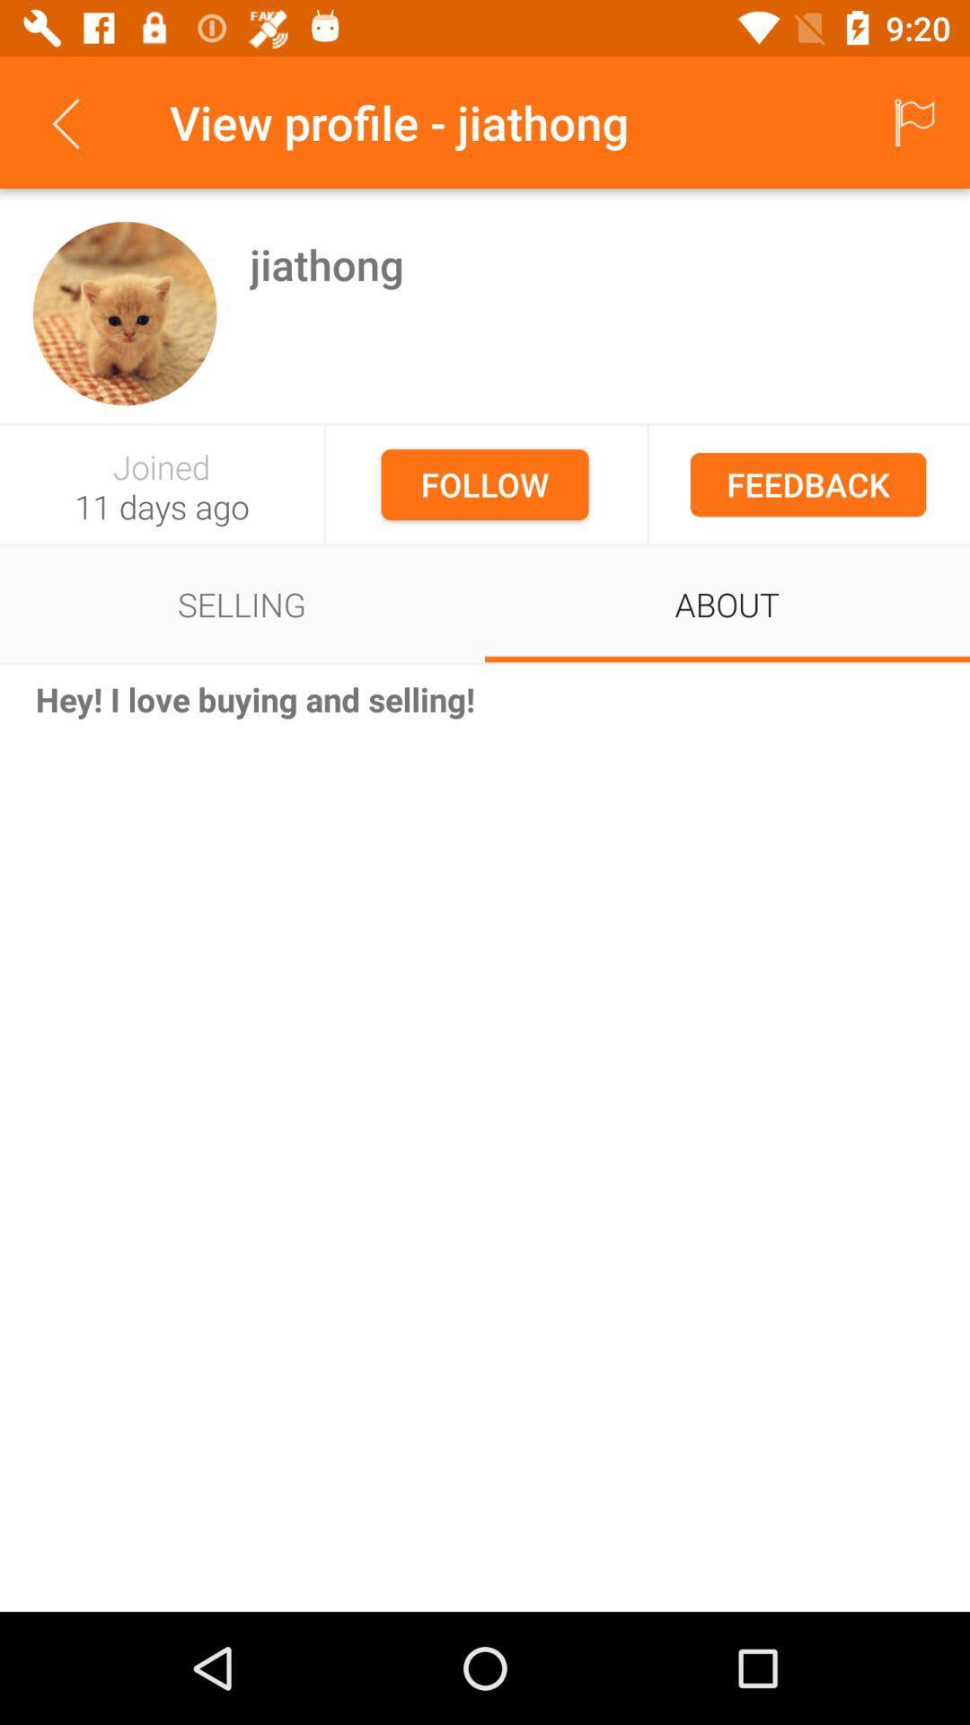  I want to click on feedback, so click(807, 484).